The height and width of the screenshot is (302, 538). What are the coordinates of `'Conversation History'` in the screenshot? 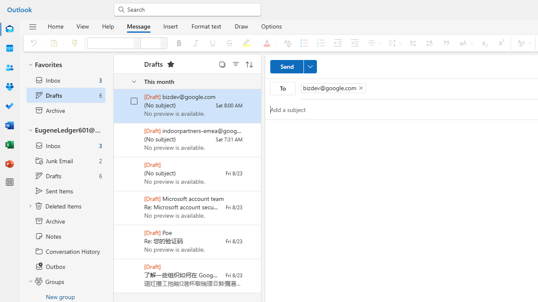 It's located at (65, 251).